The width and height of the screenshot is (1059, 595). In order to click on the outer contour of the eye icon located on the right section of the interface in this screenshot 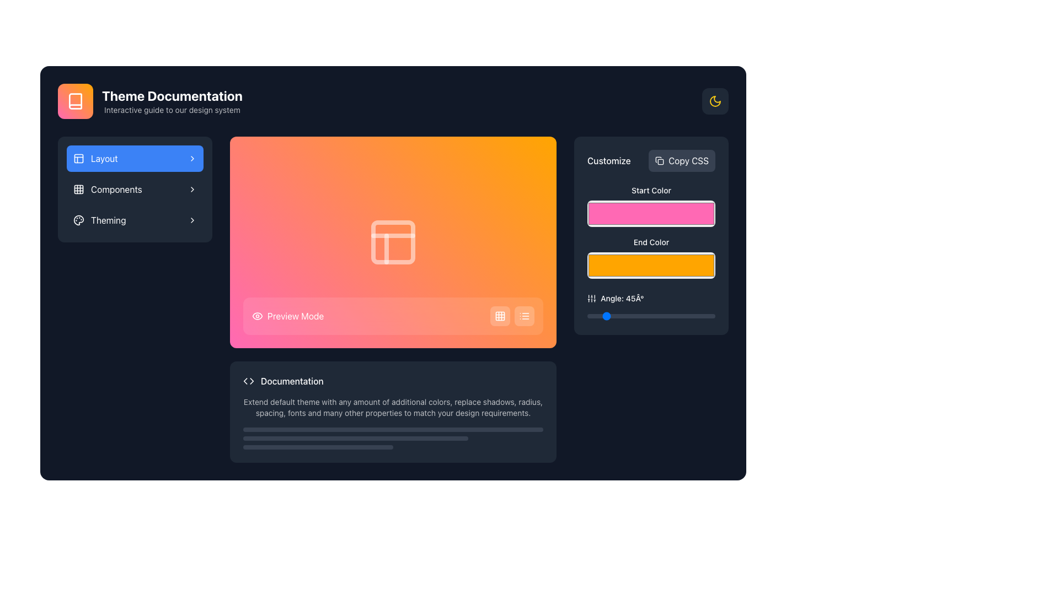, I will do `click(256, 316)`.